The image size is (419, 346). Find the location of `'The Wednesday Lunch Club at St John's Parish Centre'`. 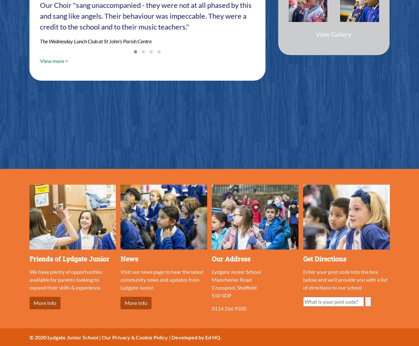

'The Wednesday Lunch Club at St John's Parish Centre' is located at coordinates (95, 41).